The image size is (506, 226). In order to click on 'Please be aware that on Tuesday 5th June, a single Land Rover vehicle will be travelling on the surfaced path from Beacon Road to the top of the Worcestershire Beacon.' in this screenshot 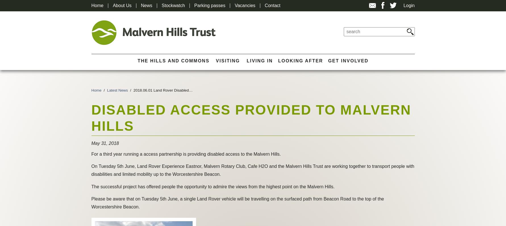, I will do `click(238, 203)`.